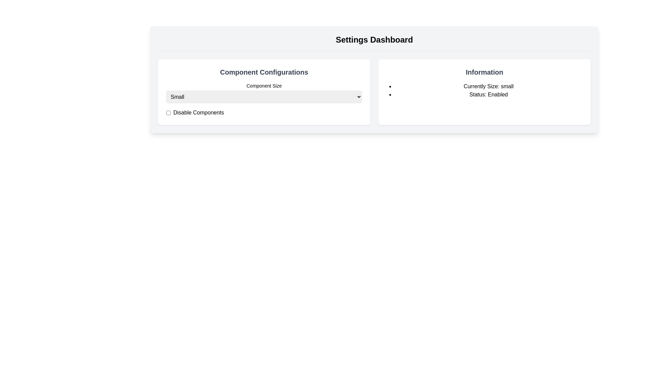 Image resolution: width=654 pixels, height=368 pixels. I want to click on the 'Component Size' label, which is styled with a small font size and medium weight, located above the dropdown menu in the 'Component Configurations' section, so click(264, 85).